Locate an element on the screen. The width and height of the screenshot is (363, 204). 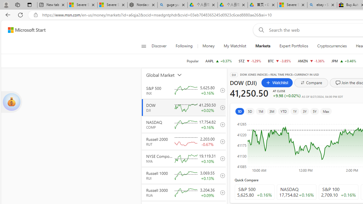
'Markets' is located at coordinates (262, 46).